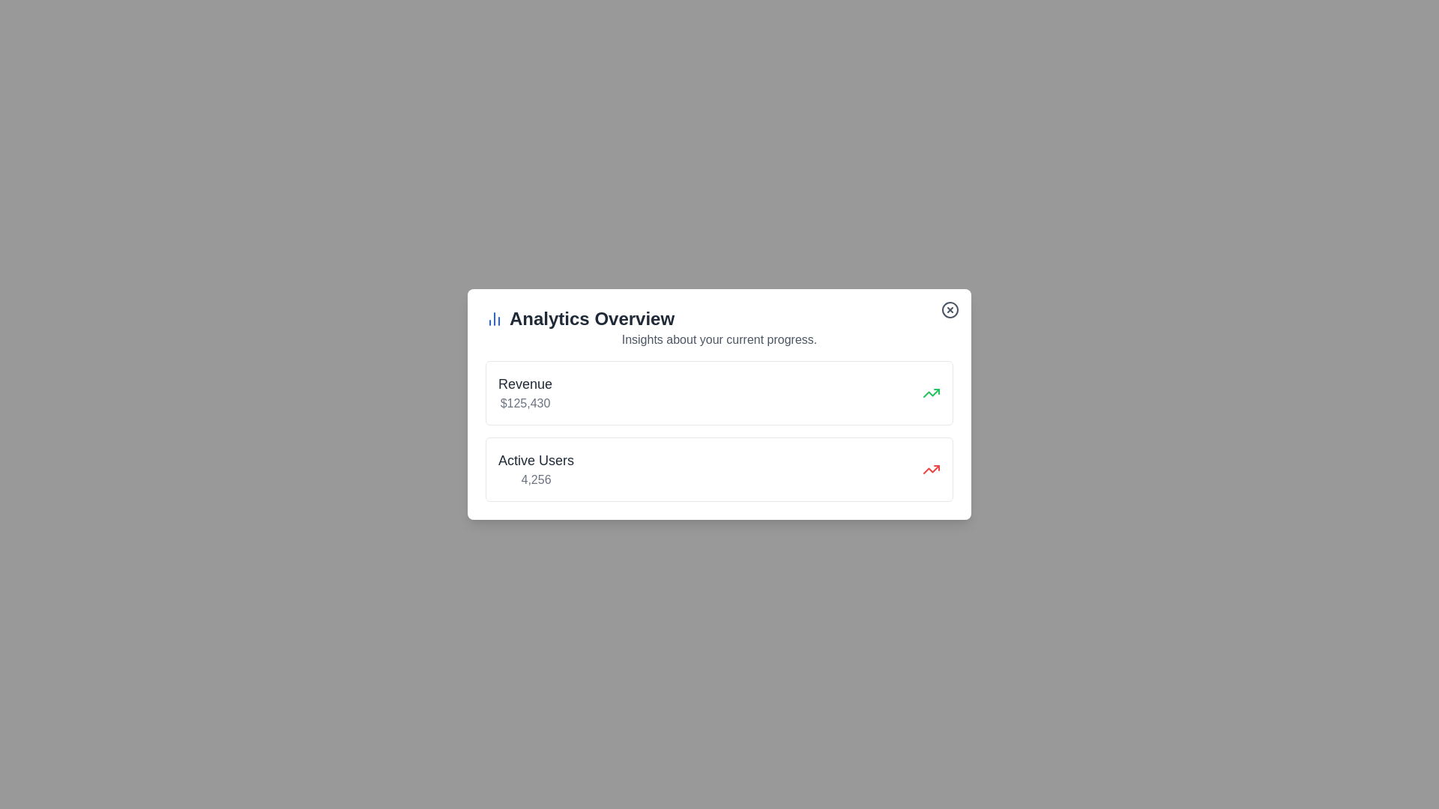  What do you see at coordinates (949, 309) in the screenshot?
I see `the close button located at the top-right corner of the 'Analytics Overview' card to observe the hover effect` at bounding box center [949, 309].